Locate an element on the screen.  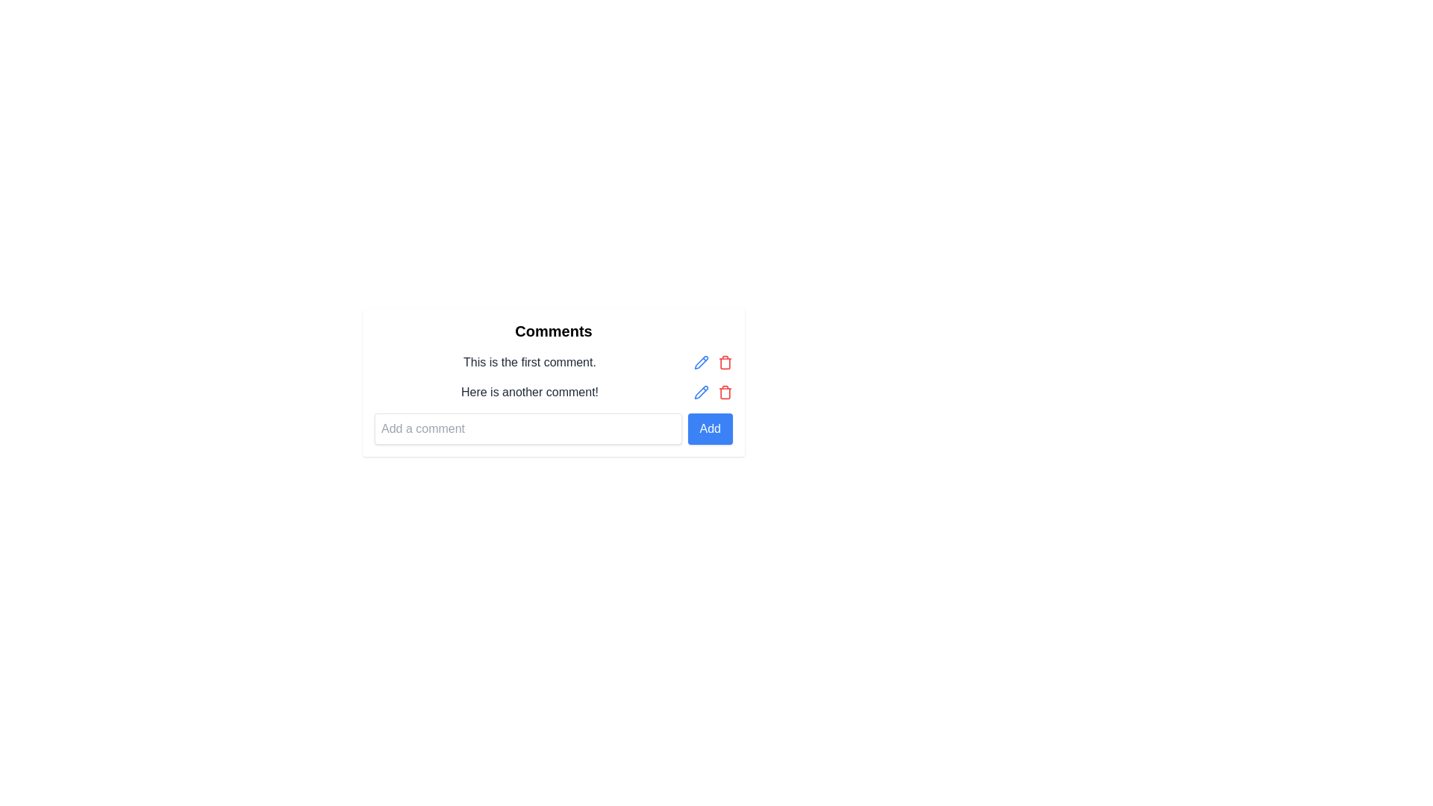
the edit button located to the right of the text 'Here is another comment!' to initiate editing the comment is located at coordinates (701, 391).